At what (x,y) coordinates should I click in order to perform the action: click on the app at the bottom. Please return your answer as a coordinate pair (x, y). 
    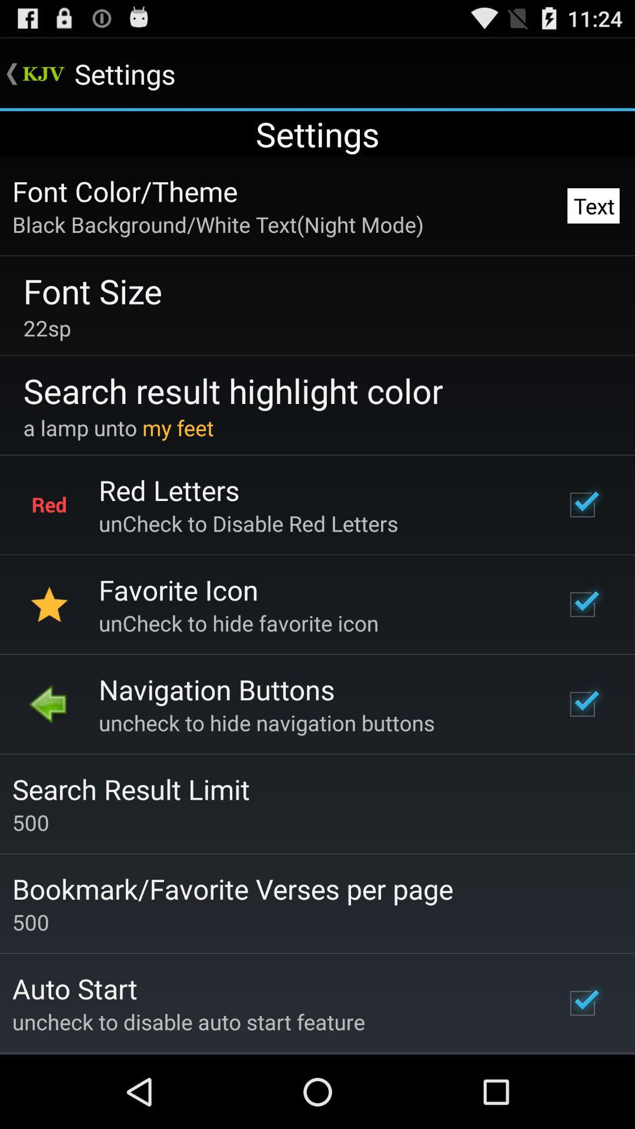
    Looking at the image, I should click on (233, 888).